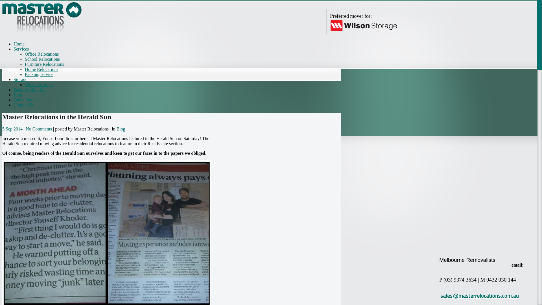 Image resolution: width=542 pixels, height=305 pixels. I want to click on 'Packing Materials', so click(29, 89).